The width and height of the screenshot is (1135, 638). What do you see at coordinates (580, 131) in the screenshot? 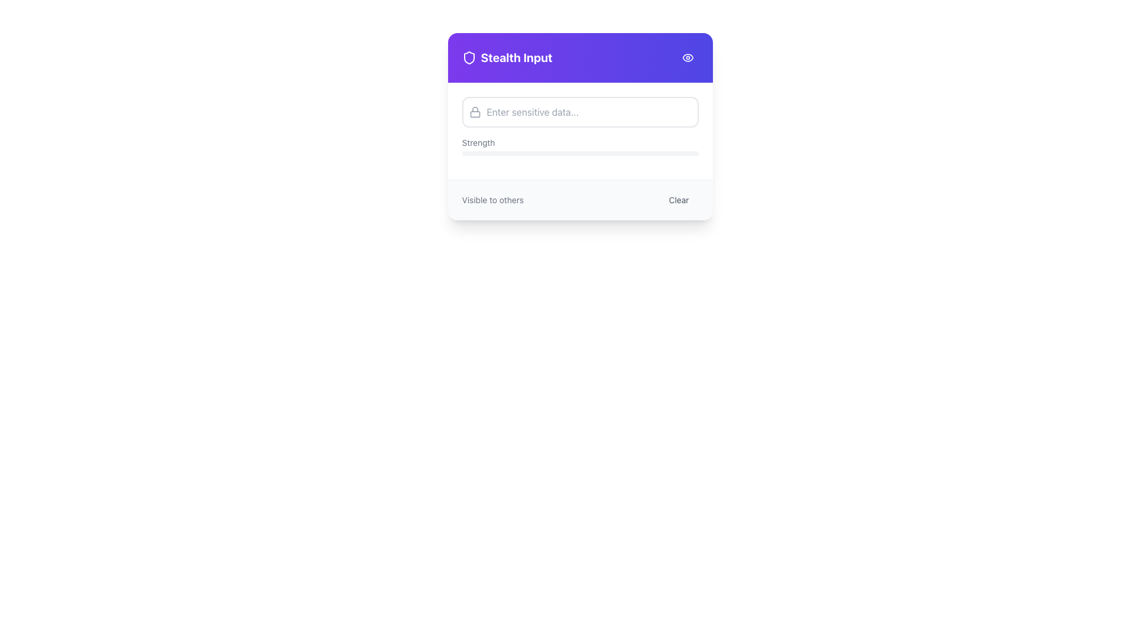
I see `the Password input field with strength indicator` at bounding box center [580, 131].